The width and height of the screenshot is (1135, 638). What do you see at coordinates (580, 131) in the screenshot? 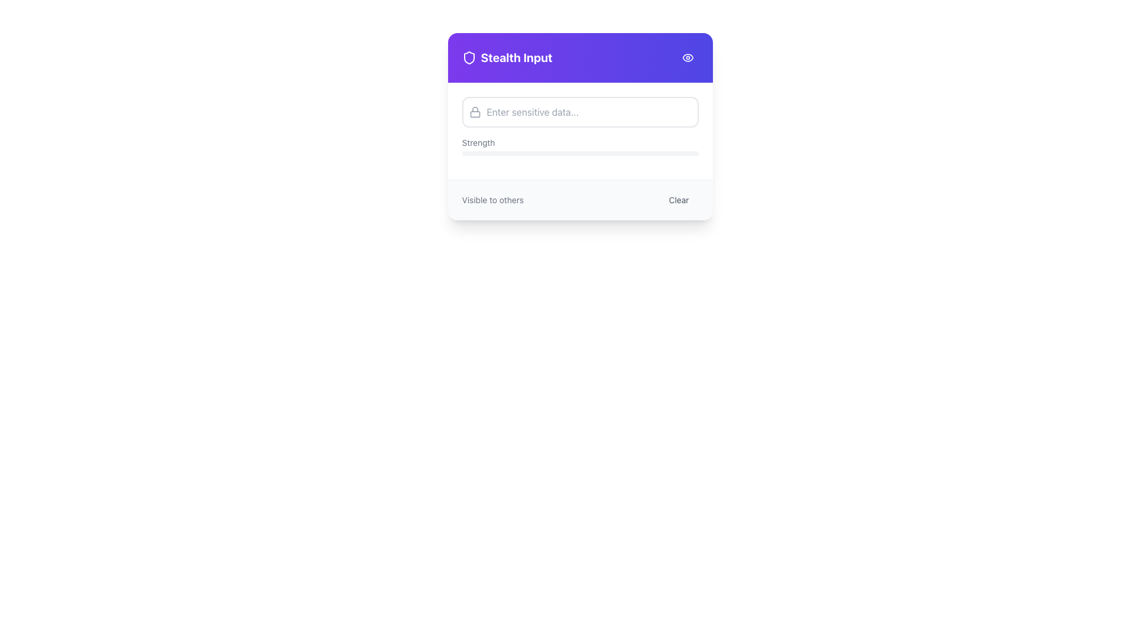
I see `the Password input field with strength indicator` at bounding box center [580, 131].